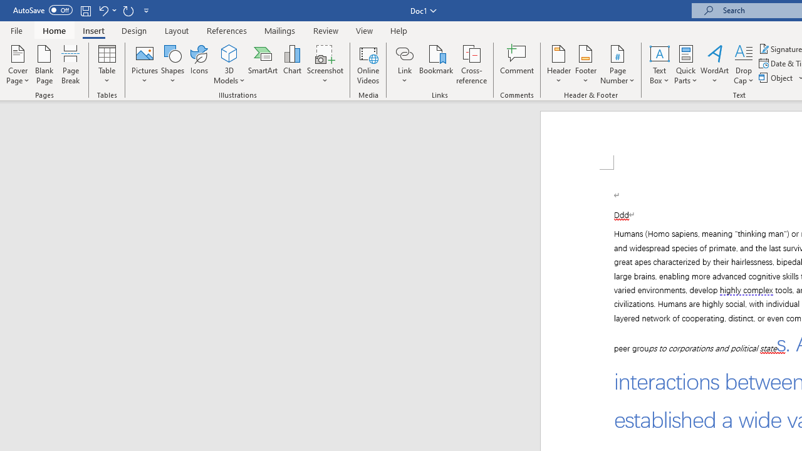 The height and width of the screenshot is (451, 802). I want to click on 'Repeat Doc Close', so click(128, 10).